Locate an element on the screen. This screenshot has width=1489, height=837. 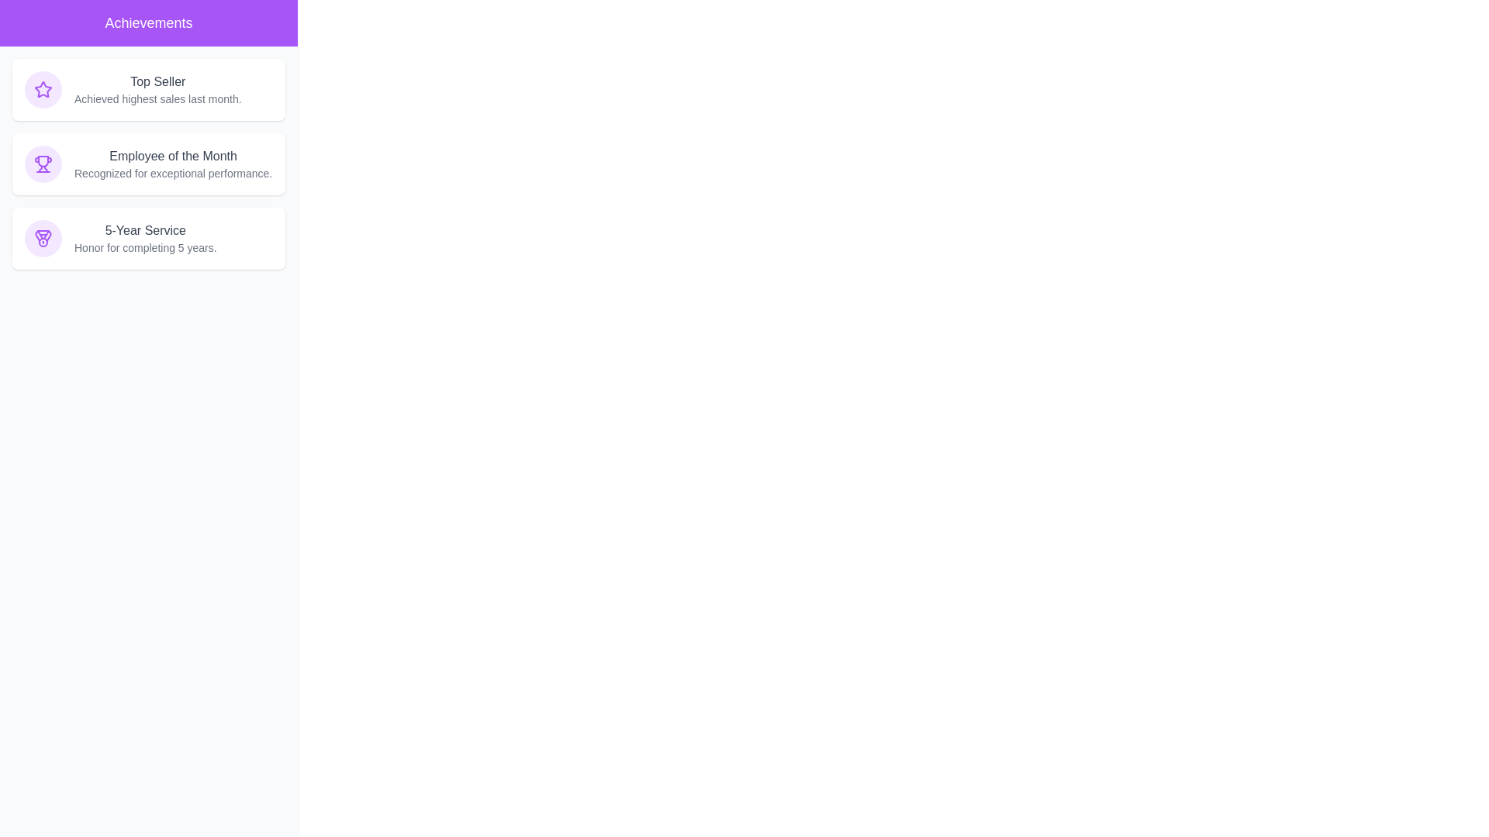
the icon associated with Top Seller is located at coordinates (43, 89).